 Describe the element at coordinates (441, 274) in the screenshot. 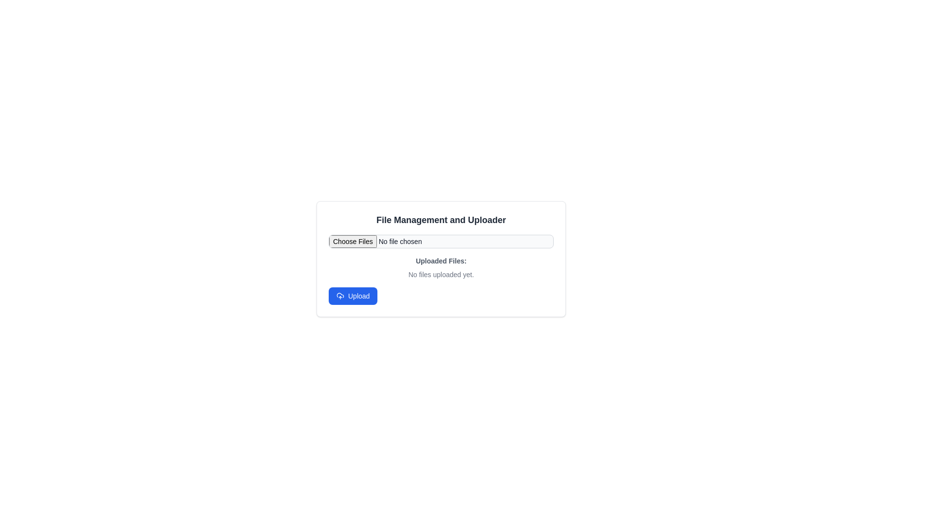

I see `the text label that reads 'No files uploaded yet.' which is displayed in small, gray font and is centrally aligned below the 'Uploaded Files:' label` at that location.